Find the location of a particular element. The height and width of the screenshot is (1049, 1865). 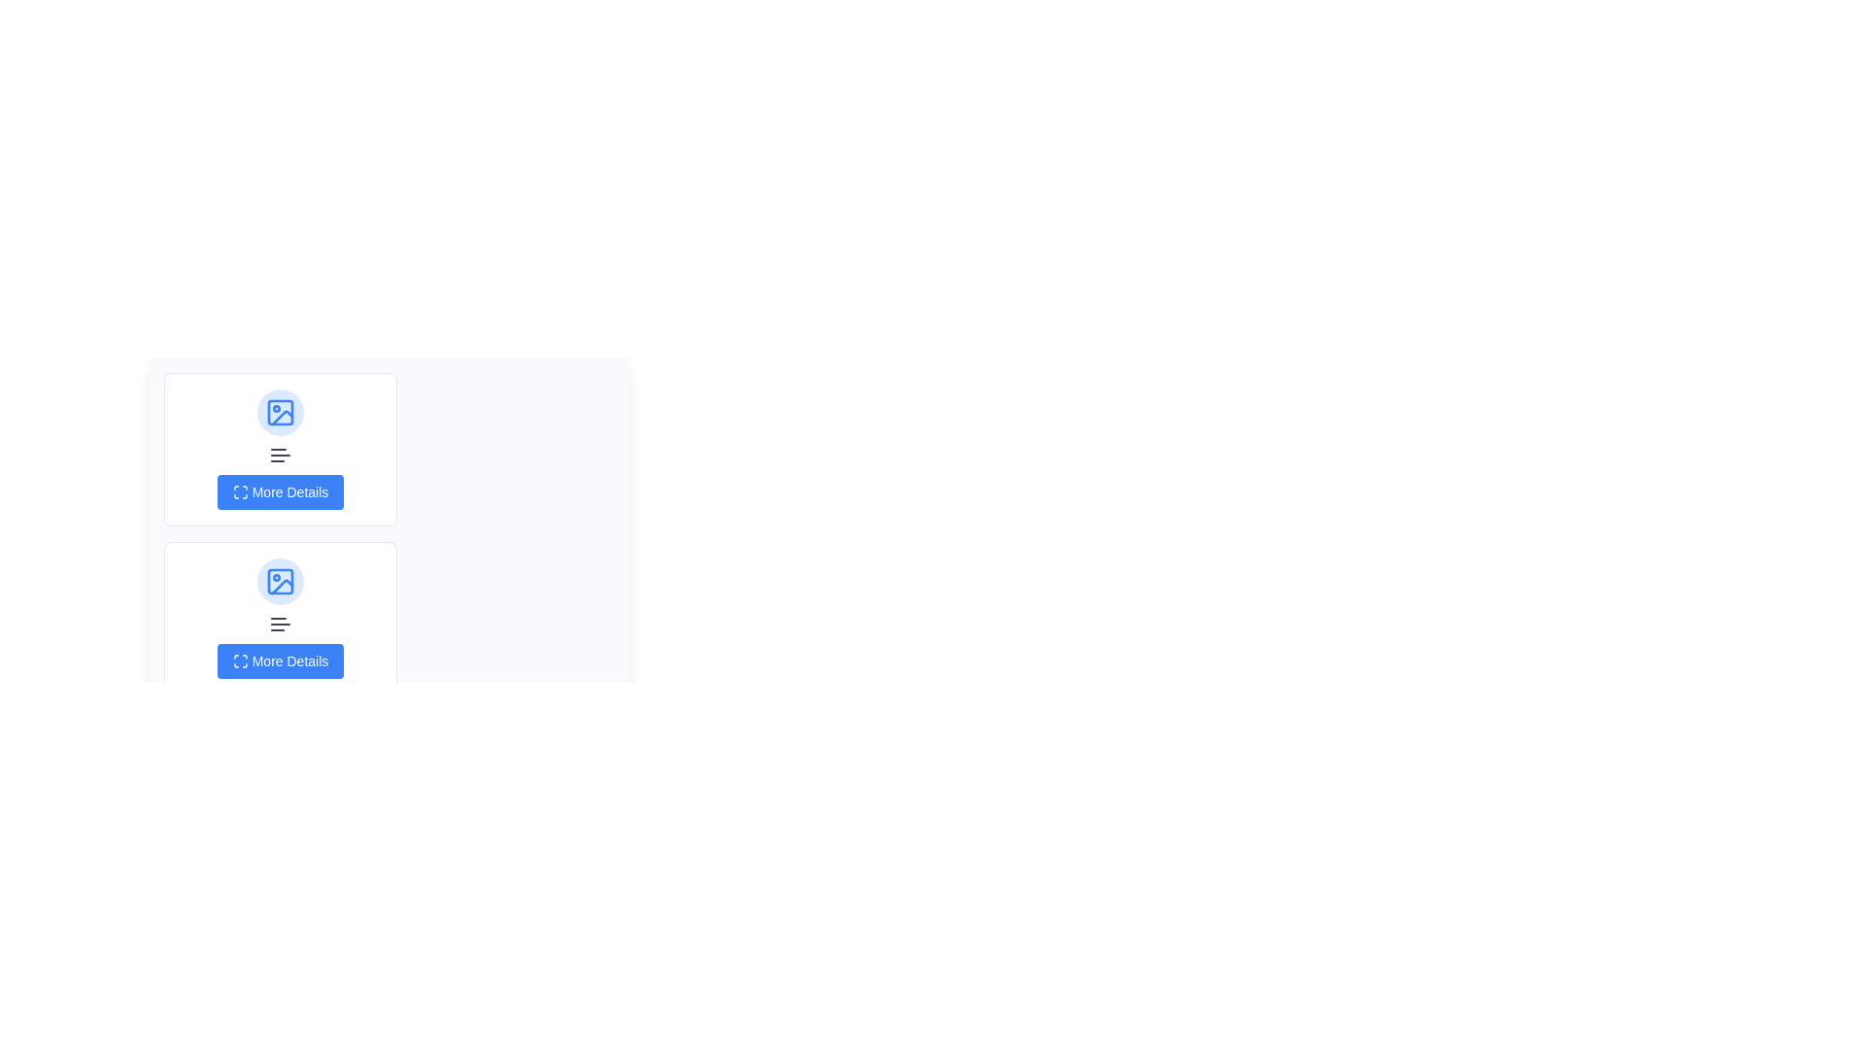

the icon representing text or label in the lower card, located below the circular image and above the 'More Details' button is located at coordinates (279, 625).